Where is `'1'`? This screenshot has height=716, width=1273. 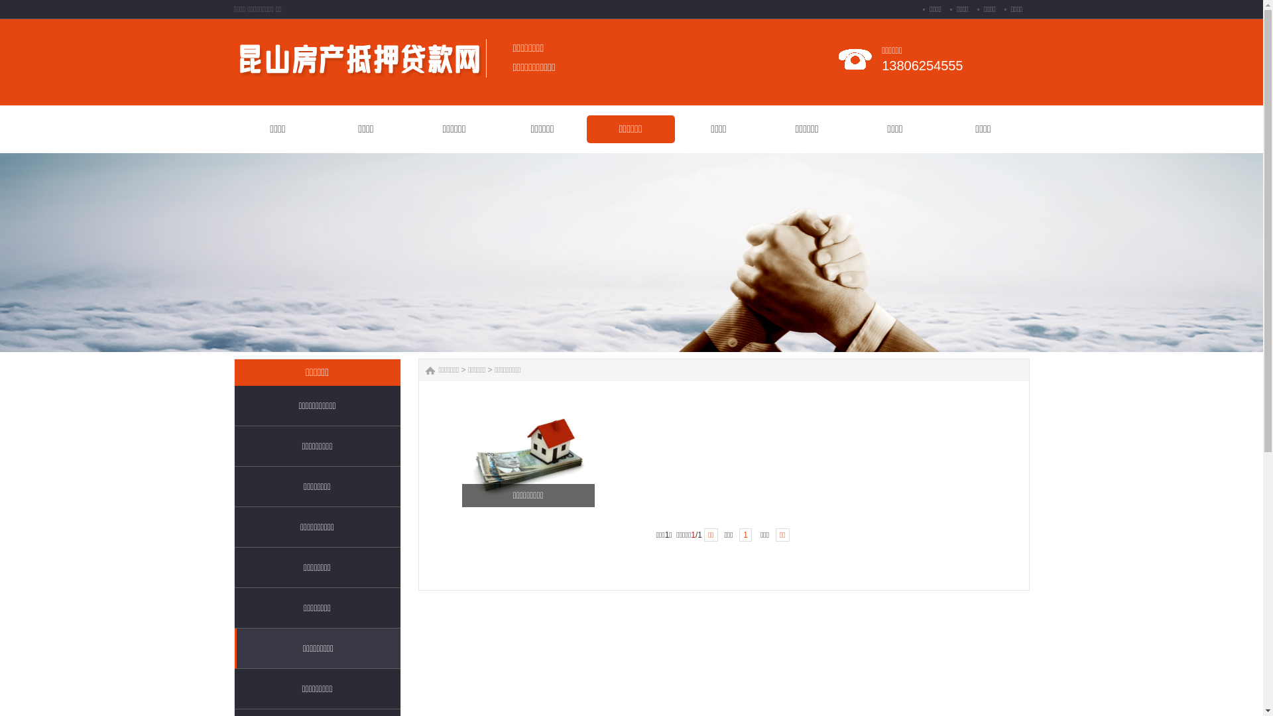 '1' is located at coordinates (738, 534).